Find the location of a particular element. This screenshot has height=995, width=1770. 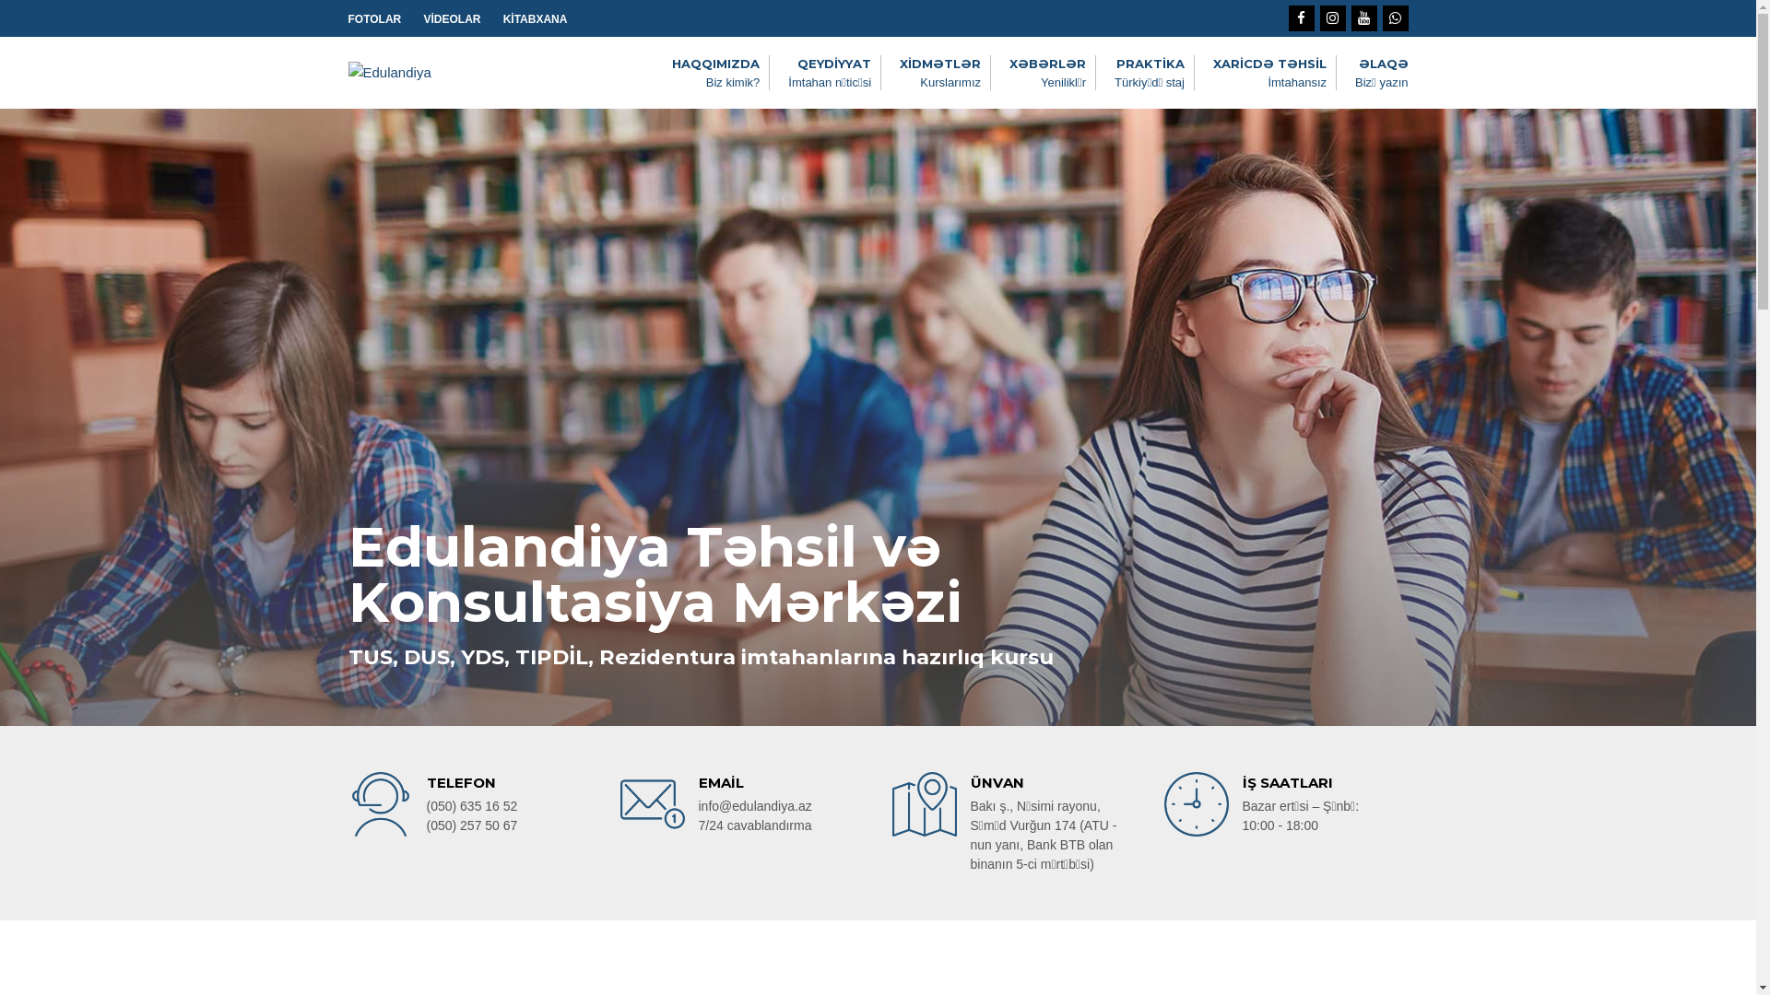

'FOTOLAR' is located at coordinates (348, 19).